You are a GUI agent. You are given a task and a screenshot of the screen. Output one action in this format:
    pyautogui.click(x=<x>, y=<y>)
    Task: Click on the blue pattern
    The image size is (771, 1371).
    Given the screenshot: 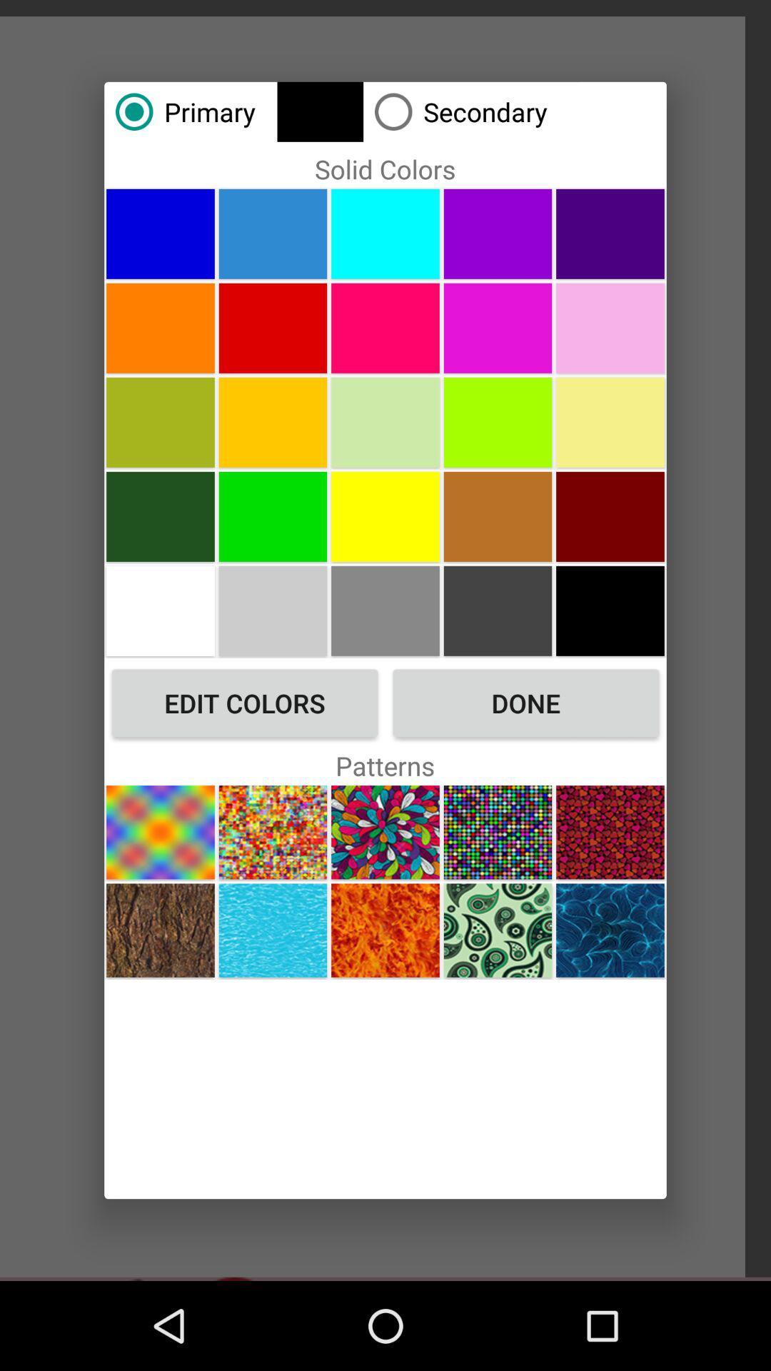 What is the action you would take?
    pyautogui.click(x=273, y=930)
    